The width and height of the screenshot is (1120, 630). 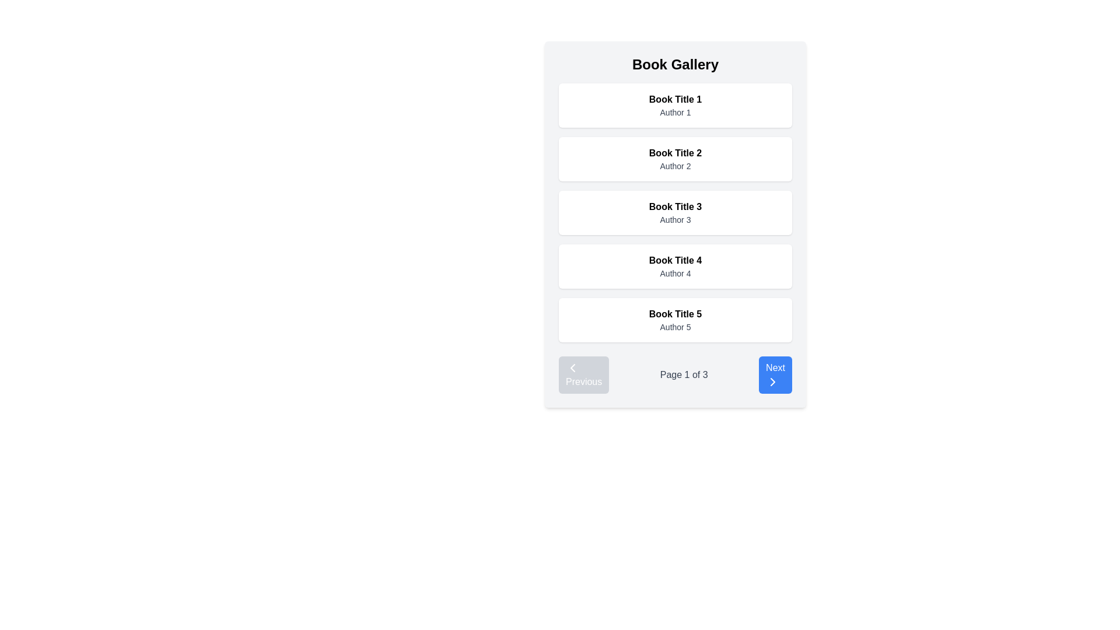 What do you see at coordinates (675, 266) in the screenshot?
I see `the card representing the book entry located as the fourth item in a vertical list of book cards` at bounding box center [675, 266].